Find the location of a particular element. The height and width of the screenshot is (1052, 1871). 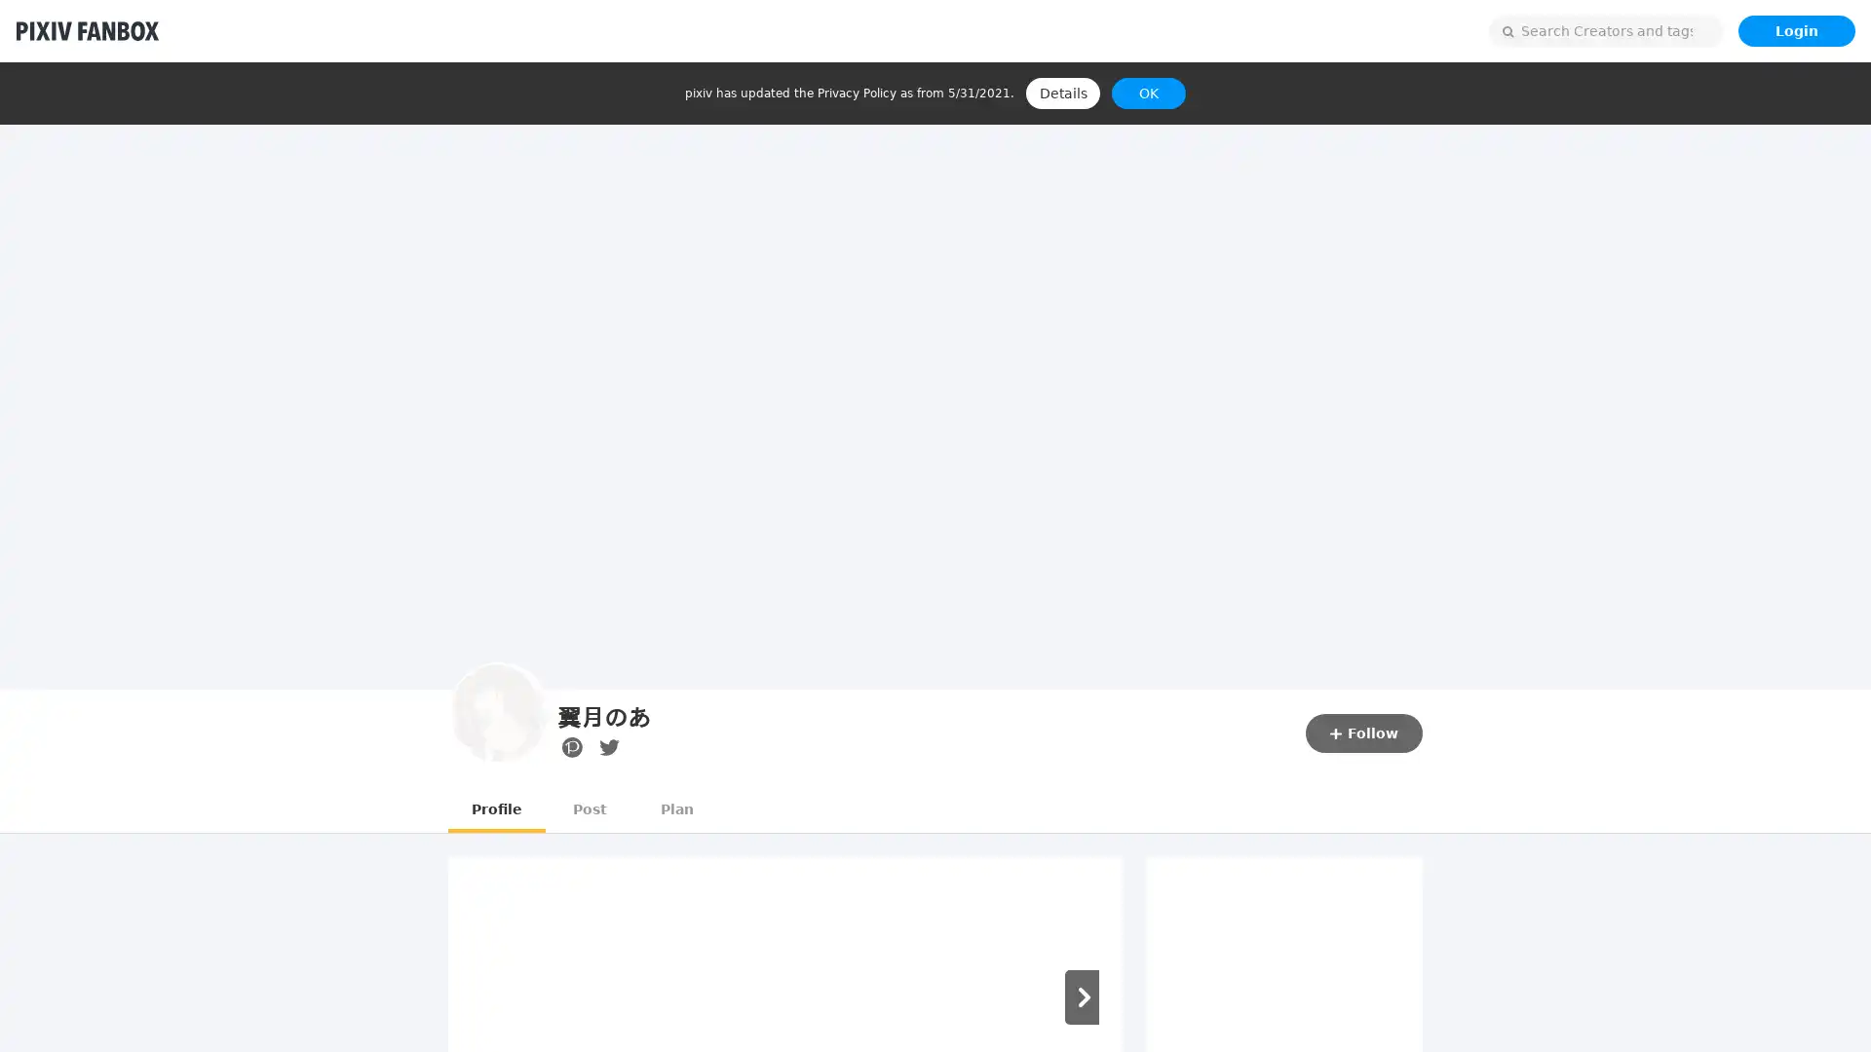

Login is located at coordinates (1795, 30).